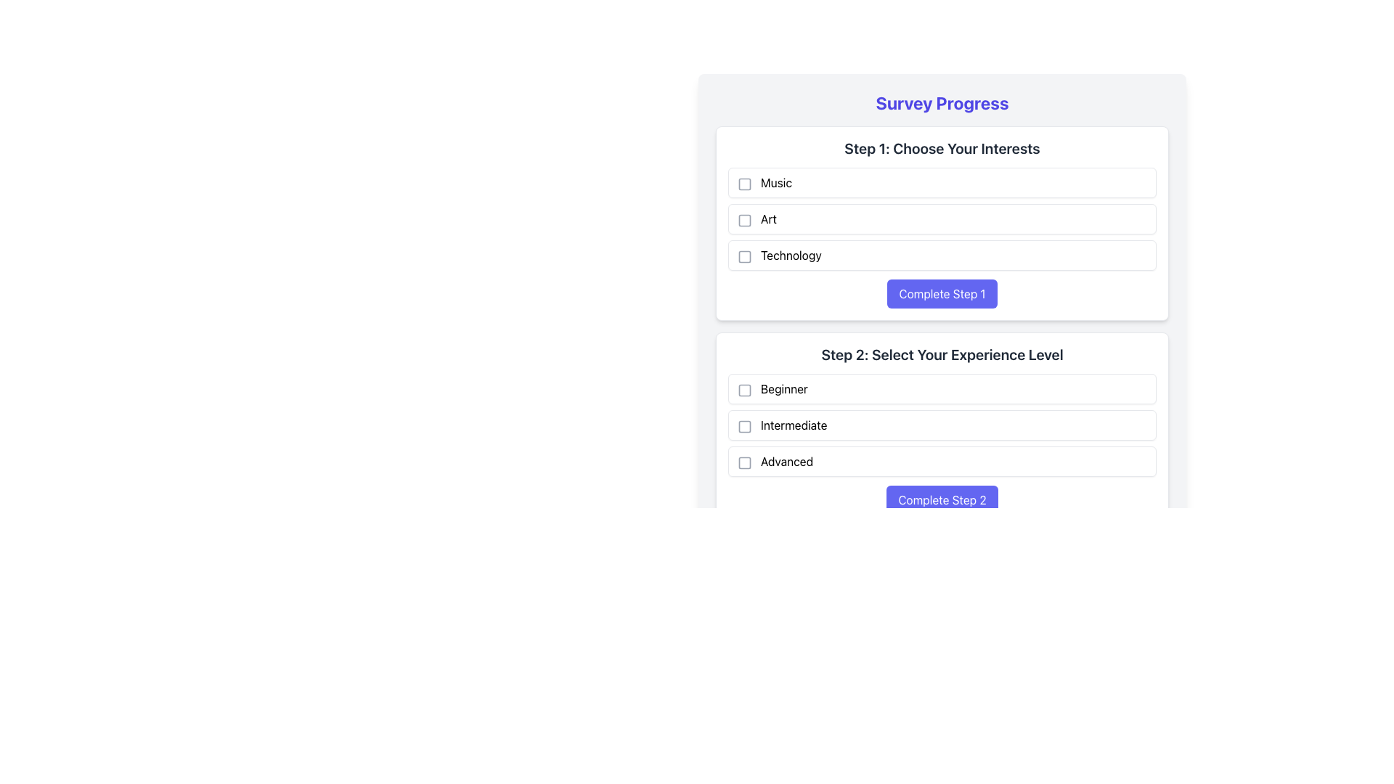  I want to click on the 'Technology' checkbox option, so click(745, 256).